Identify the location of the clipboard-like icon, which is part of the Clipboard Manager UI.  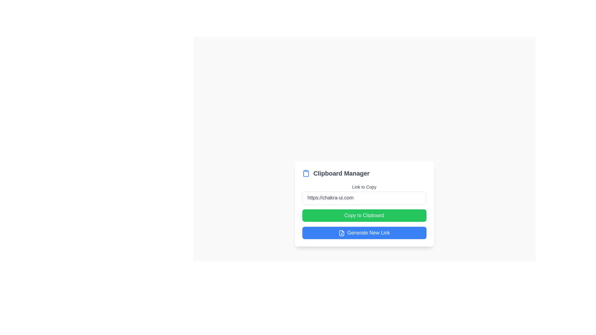
(306, 173).